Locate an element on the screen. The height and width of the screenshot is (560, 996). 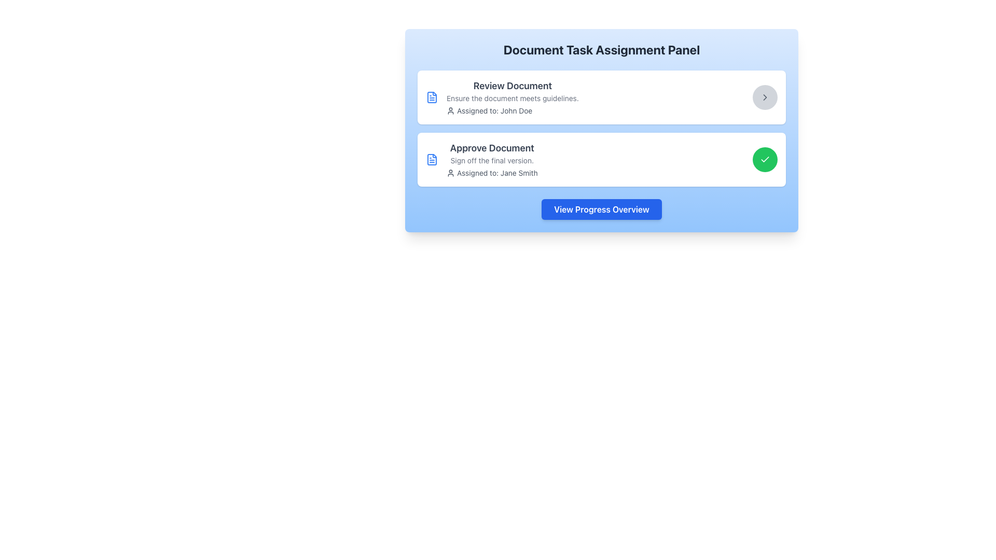
the text element indicating the current assignee for the task, which displays the name 'John Doe' located in the 'Review Document' section of the task assignment panel is located at coordinates (513, 110).